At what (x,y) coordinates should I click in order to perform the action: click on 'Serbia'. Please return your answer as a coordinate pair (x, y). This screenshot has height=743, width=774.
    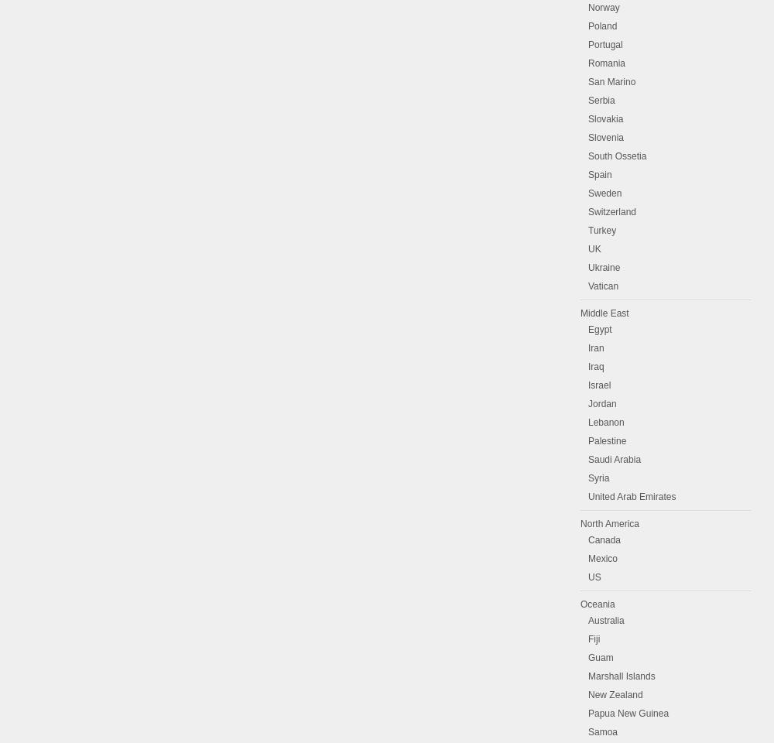
    Looking at the image, I should click on (601, 99).